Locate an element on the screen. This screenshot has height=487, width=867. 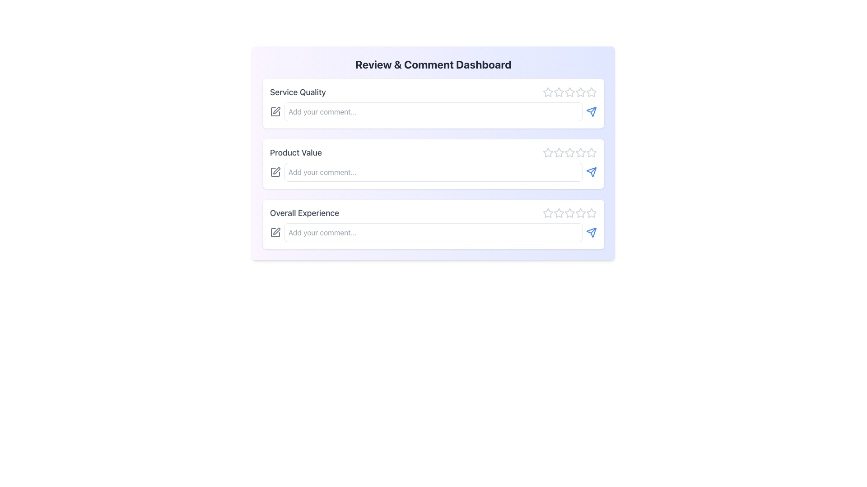
the fifth star icon in the horizontal row of seven stars is located at coordinates (581, 92).